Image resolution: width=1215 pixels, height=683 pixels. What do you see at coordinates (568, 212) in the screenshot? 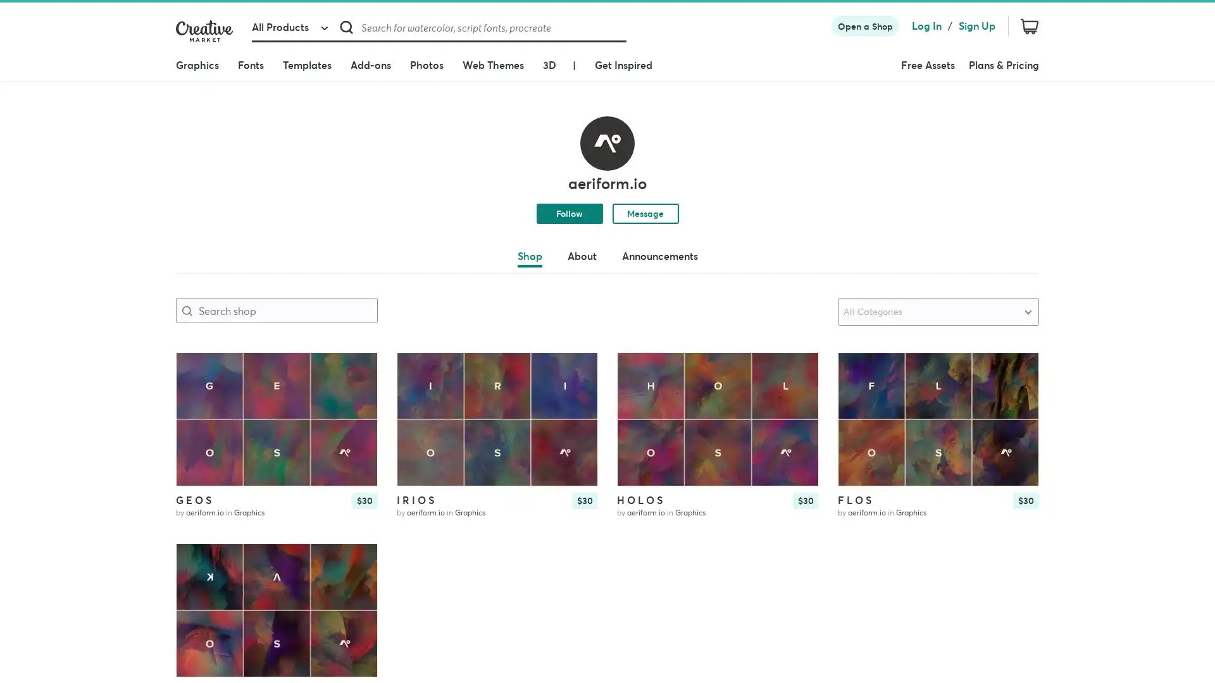
I see `Follow` at bounding box center [568, 212].